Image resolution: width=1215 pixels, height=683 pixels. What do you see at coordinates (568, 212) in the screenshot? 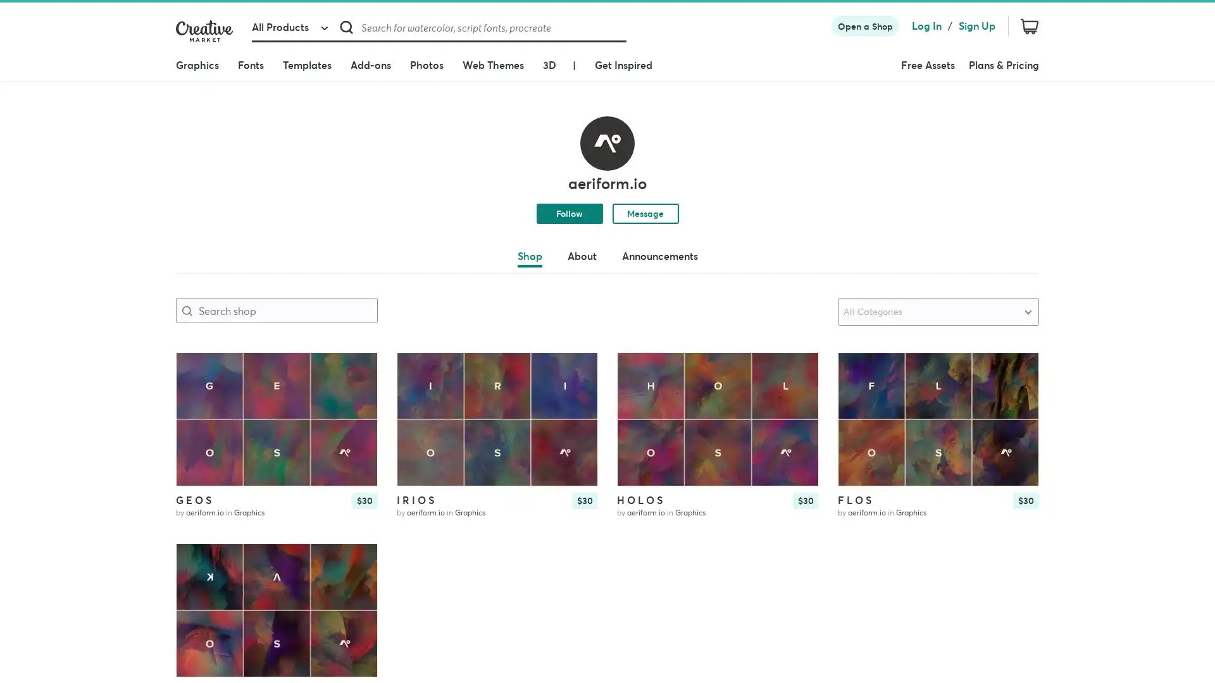
I see `Follow` at bounding box center [568, 212].